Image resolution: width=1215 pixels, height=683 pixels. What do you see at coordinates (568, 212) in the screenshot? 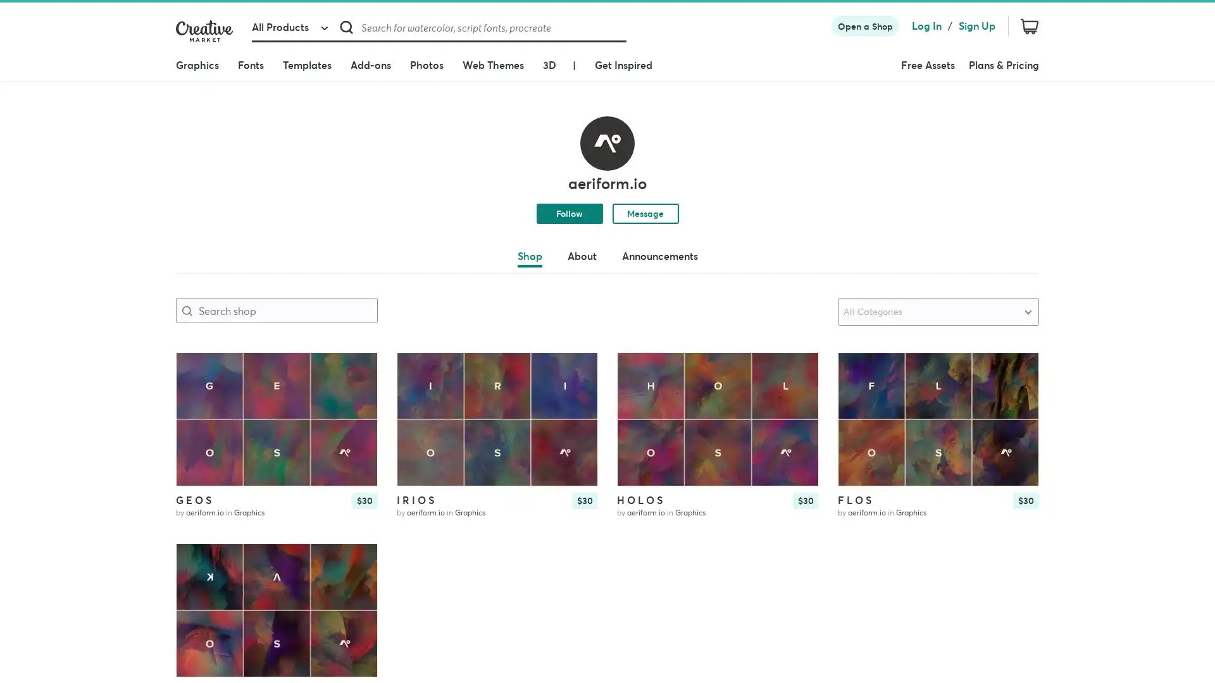
I see `Follow` at bounding box center [568, 212].